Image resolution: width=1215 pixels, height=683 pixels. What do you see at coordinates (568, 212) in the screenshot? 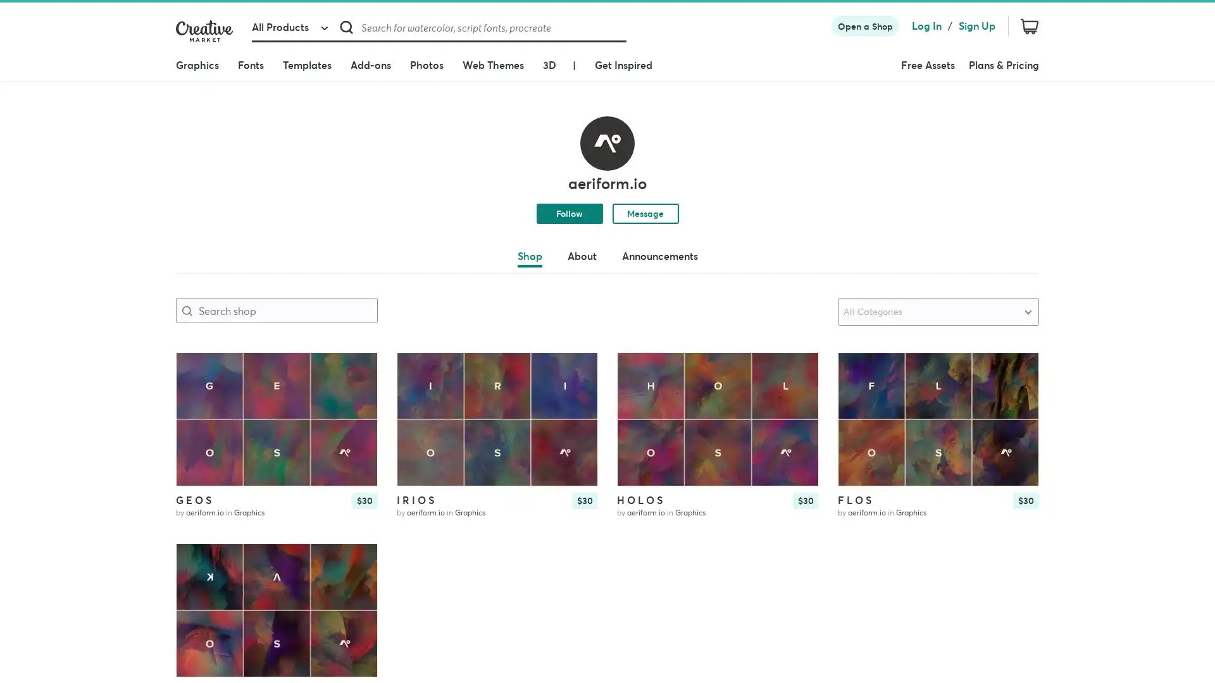
I see `Follow` at bounding box center [568, 212].